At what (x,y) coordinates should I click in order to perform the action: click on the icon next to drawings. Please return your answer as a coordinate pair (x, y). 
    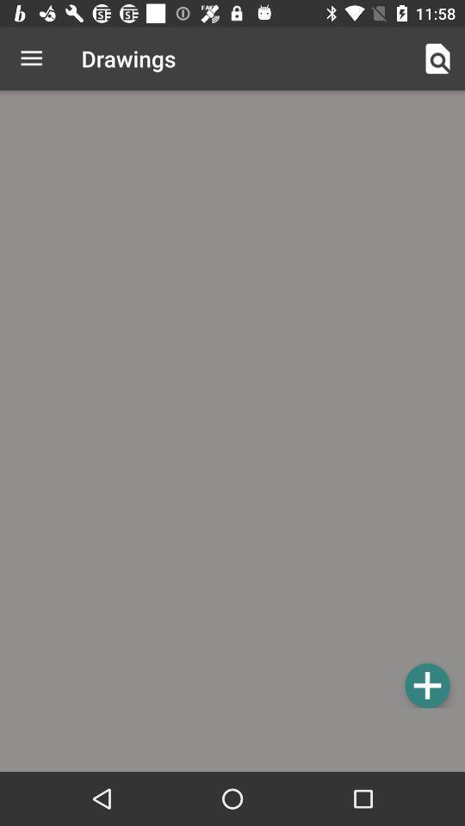
    Looking at the image, I should click on (437, 59).